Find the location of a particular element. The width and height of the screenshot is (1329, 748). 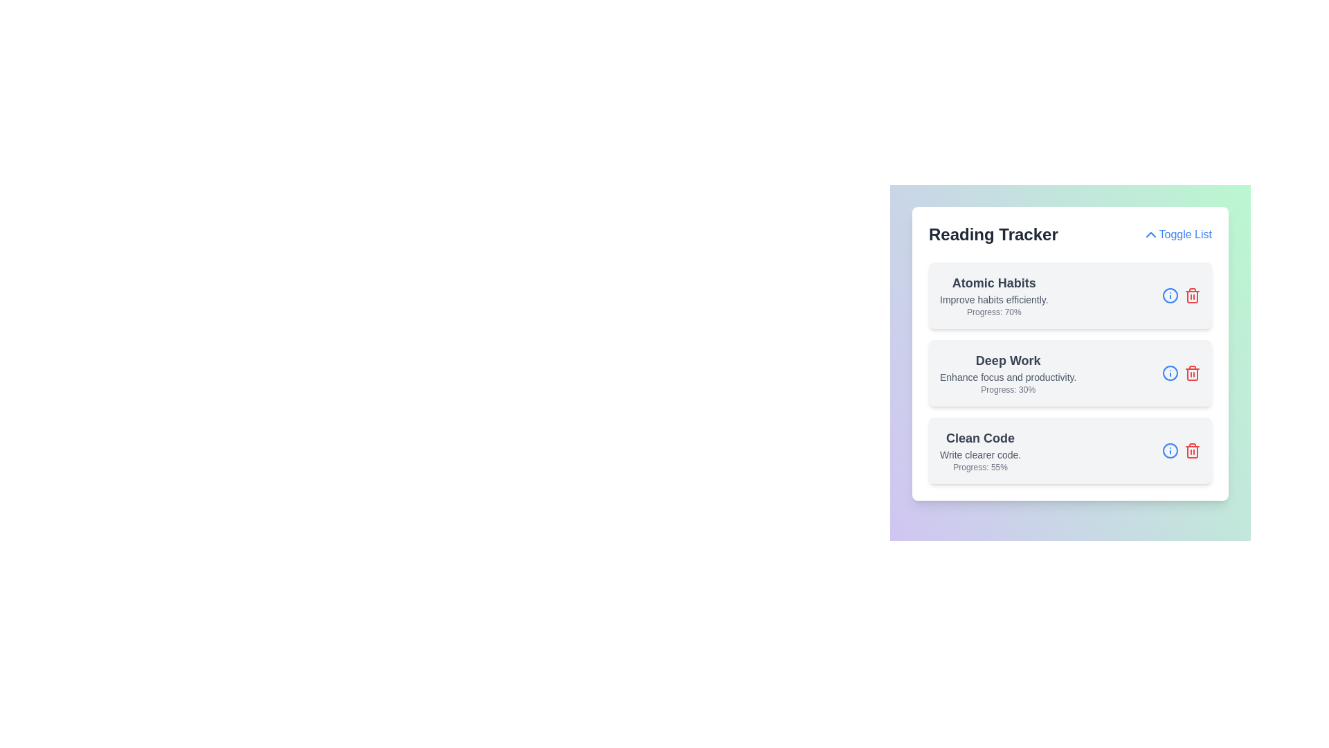

the delete button located on the right side of the 'Clean Code' card in the 'Reading Tracker' list is located at coordinates (1192, 452).